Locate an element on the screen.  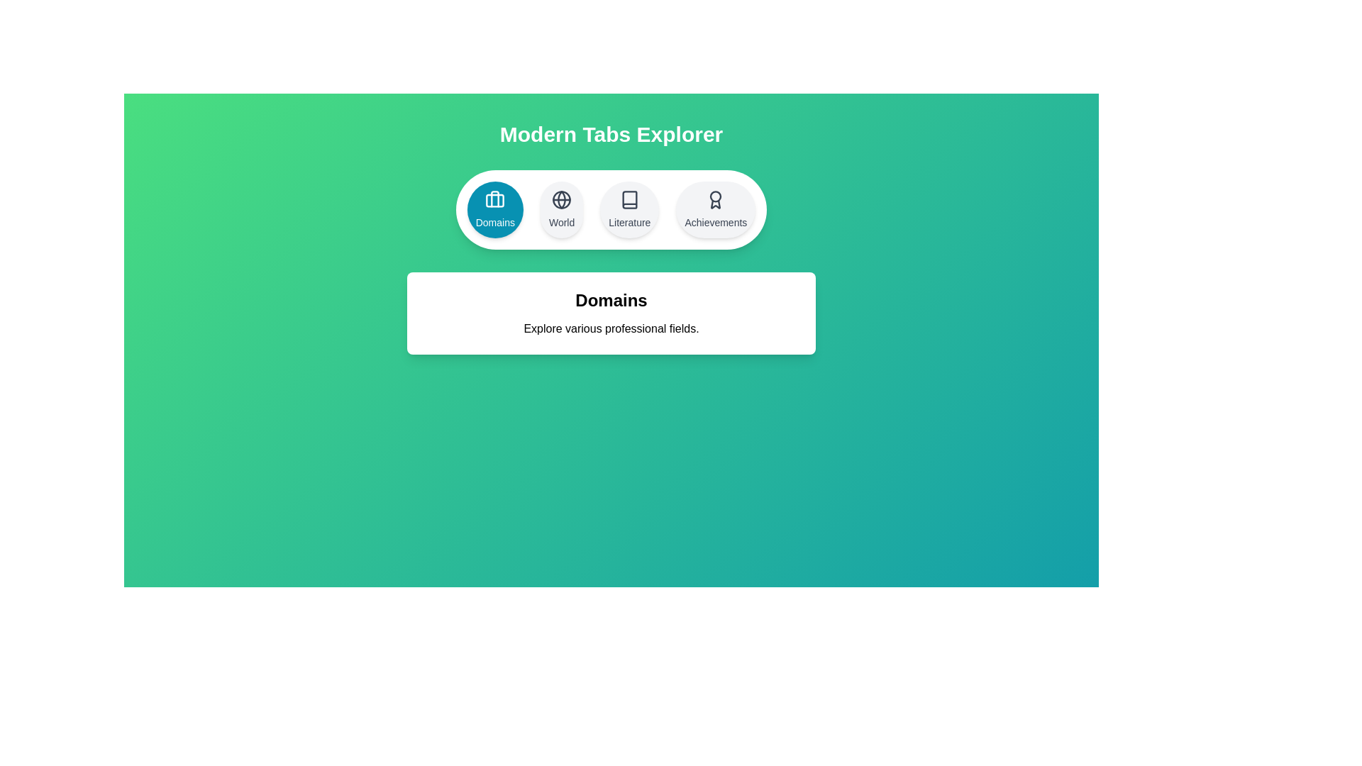
the button labeled Literature to observe its hover effect is located at coordinates (629, 210).